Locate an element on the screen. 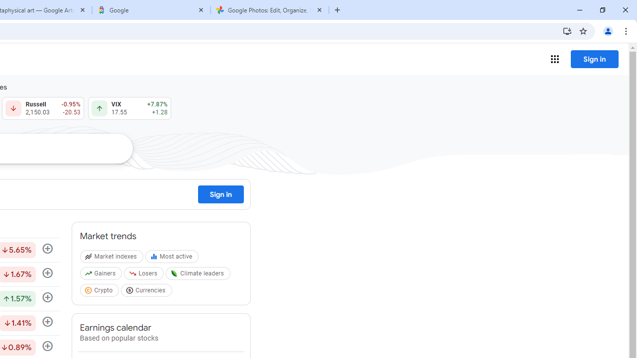 This screenshot has width=637, height=358. 'Russell 2,150.03 Down by 0.95% -20.53' is located at coordinates (42, 108).